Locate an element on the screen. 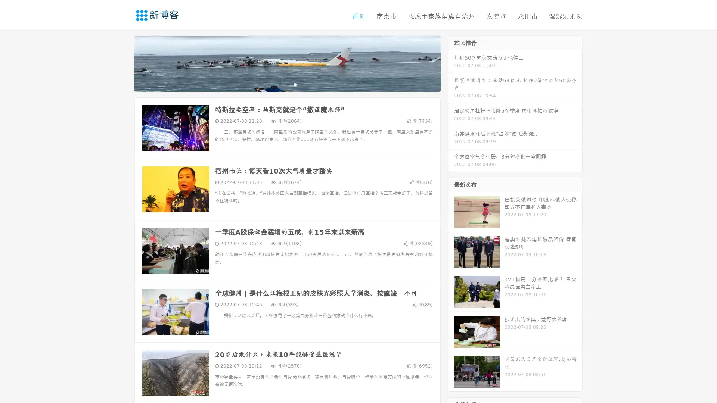 This screenshot has height=403, width=717. Next slide is located at coordinates (451, 63).